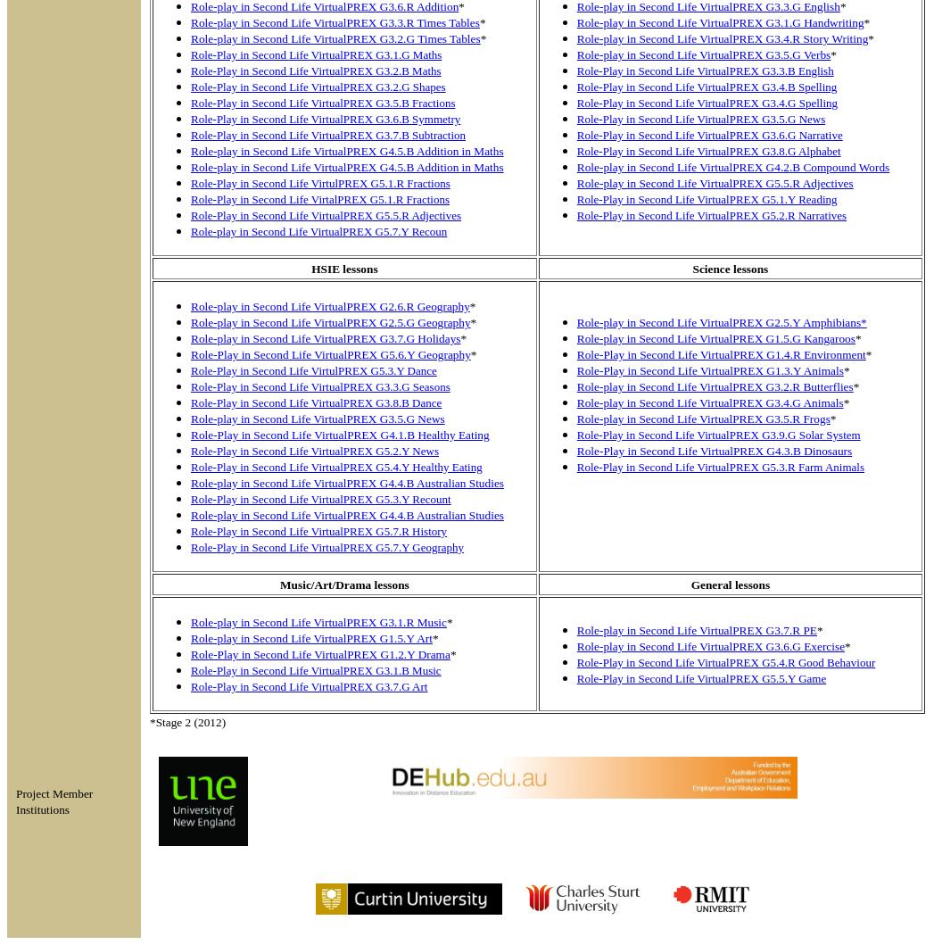 This screenshot has height=945, width=934. Describe the element at coordinates (705, 87) in the screenshot. I see `'Role-Play in Second Life VirtualPREX G3.4.B Spelling'` at that location.